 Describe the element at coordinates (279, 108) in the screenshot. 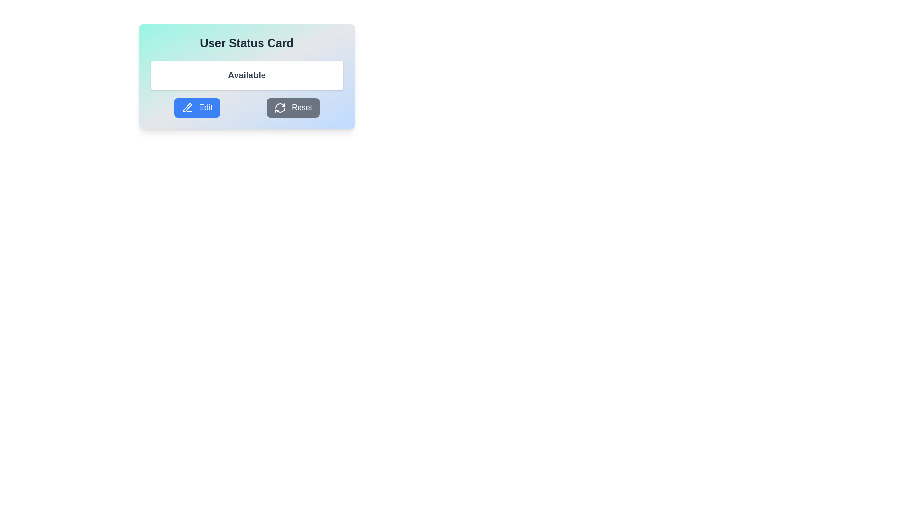

I see `the 'Reset' button which contains the circular arrows SVG icon located in the lower-right section of the card layout` at that location.